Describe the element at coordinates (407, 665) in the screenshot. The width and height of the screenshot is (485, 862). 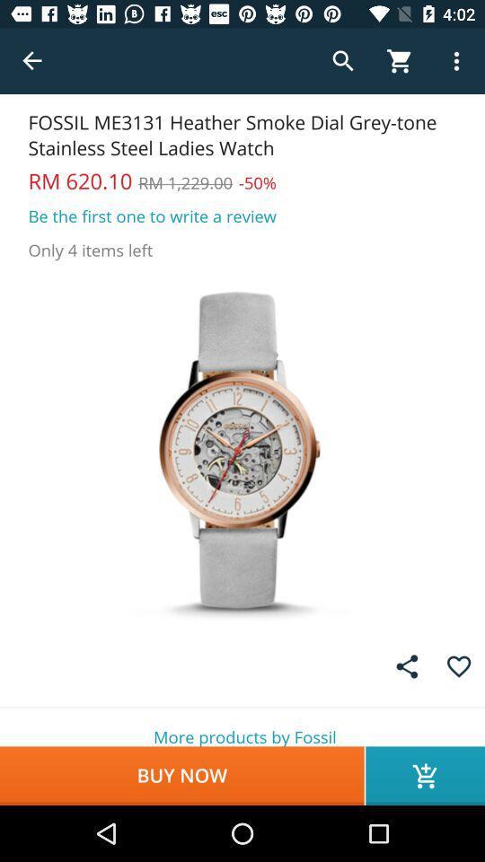
I see `share symbol which is before favorites` at that location.